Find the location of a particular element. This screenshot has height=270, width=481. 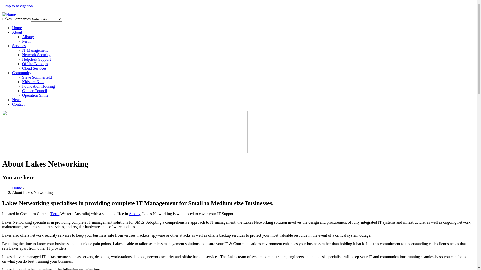

'Albany' is located at coordinates (28, 36).